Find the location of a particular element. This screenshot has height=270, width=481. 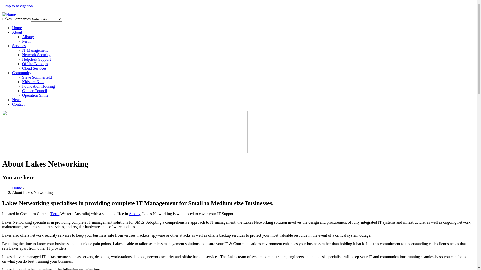

'Albany' is located at coordinates (28, 36).